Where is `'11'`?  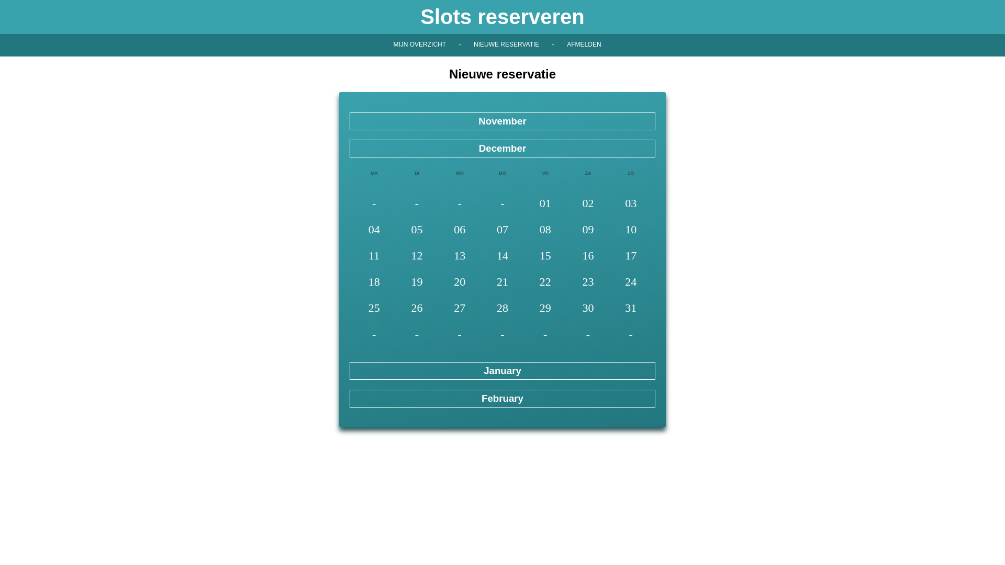 '11' is located at coordinates (352, 256).